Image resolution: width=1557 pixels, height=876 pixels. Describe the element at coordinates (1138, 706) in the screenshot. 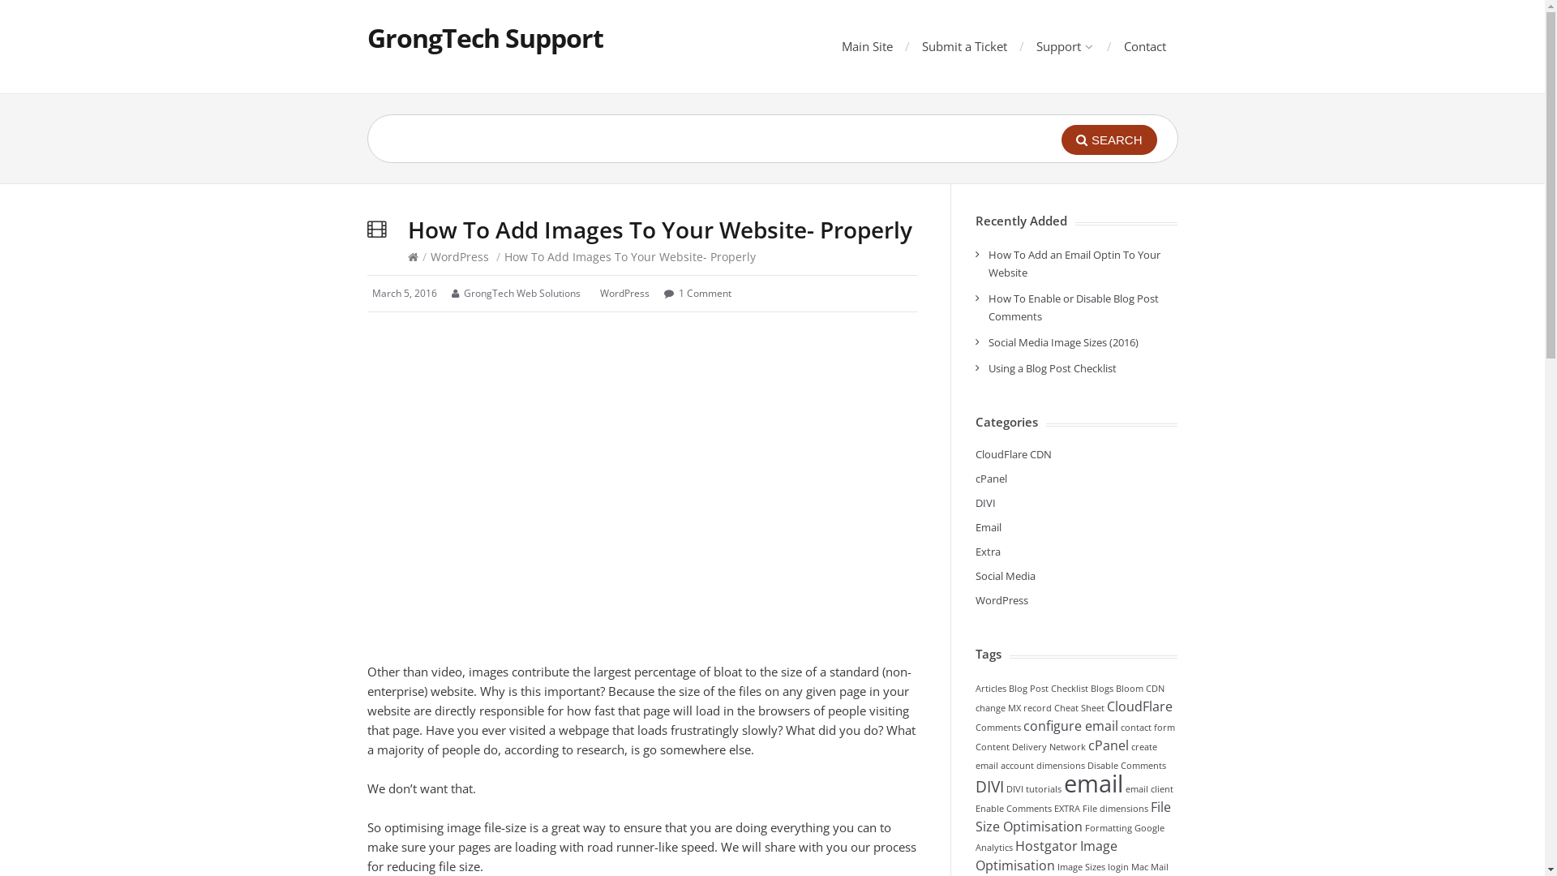

I see `'CloudFlare'` at that location.